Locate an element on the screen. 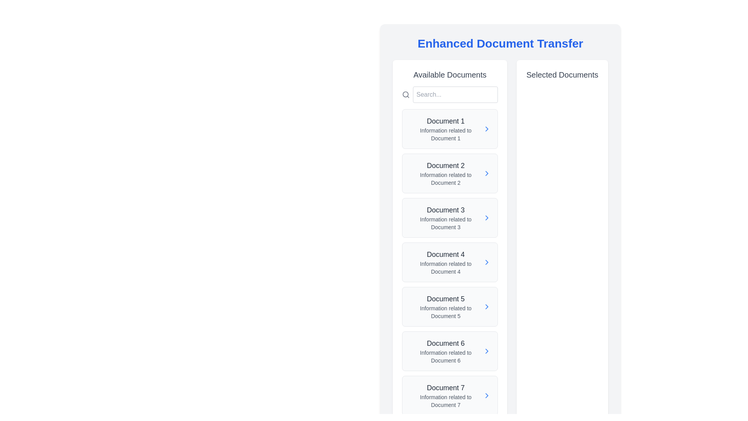 The height and width of the screenshot is (421, 748). the icon next to 'Document 1' is located at coordinates (486, 129).